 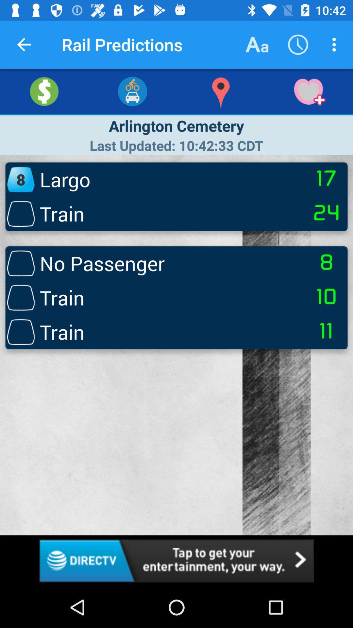 I want to click on like it, so click(x=309, y=91).